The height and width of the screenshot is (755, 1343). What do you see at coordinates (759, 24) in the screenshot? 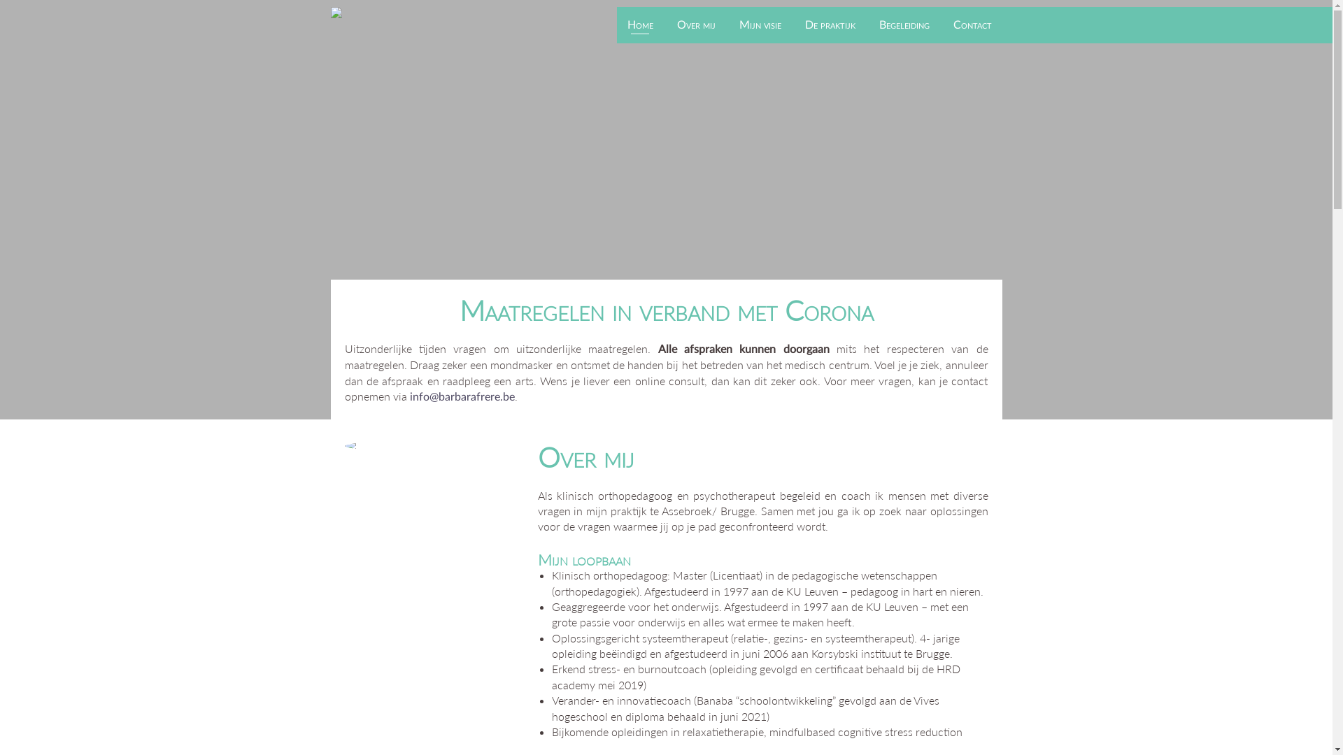
I see `'Mijn visie'` at bounding box center [759, 24].